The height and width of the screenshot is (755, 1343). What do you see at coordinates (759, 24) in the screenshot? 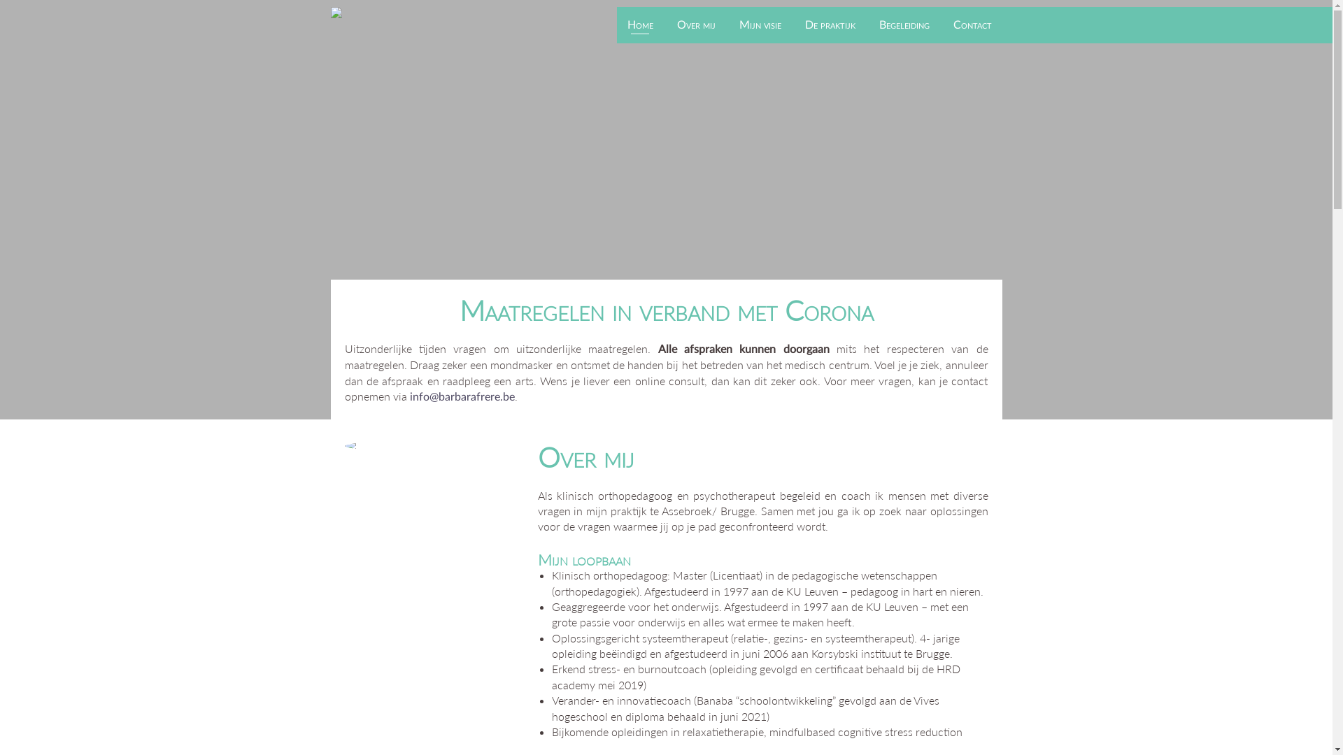
I see `'Mijn visie'` at bounding box center [759, 24].